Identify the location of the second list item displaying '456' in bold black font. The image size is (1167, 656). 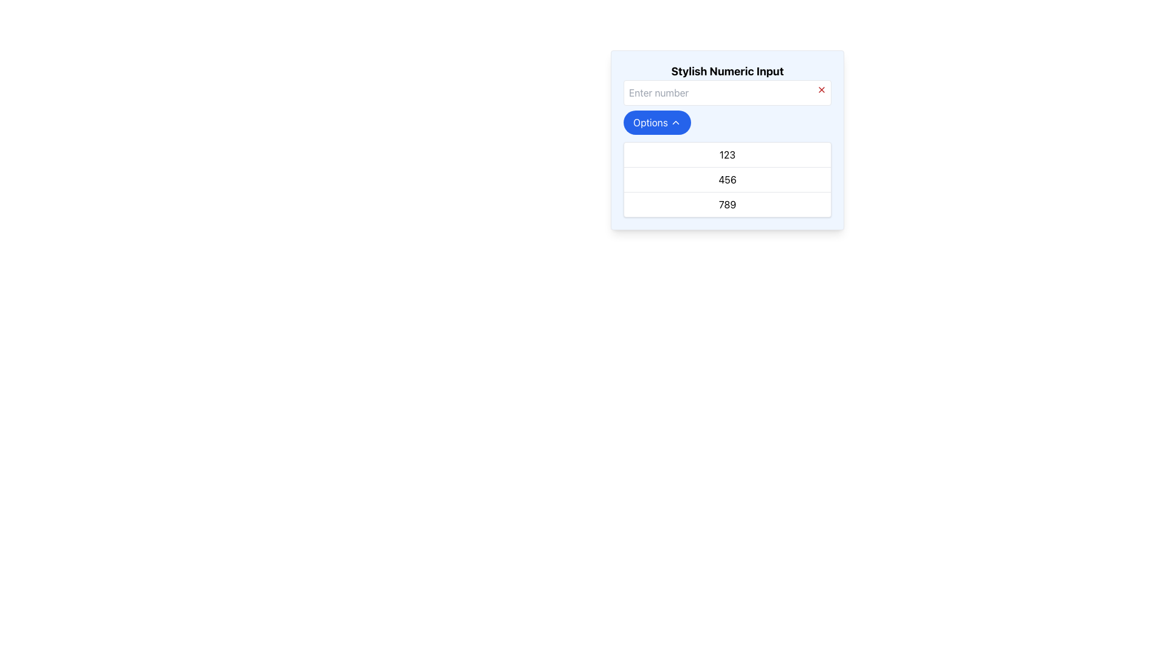
(727, 179).